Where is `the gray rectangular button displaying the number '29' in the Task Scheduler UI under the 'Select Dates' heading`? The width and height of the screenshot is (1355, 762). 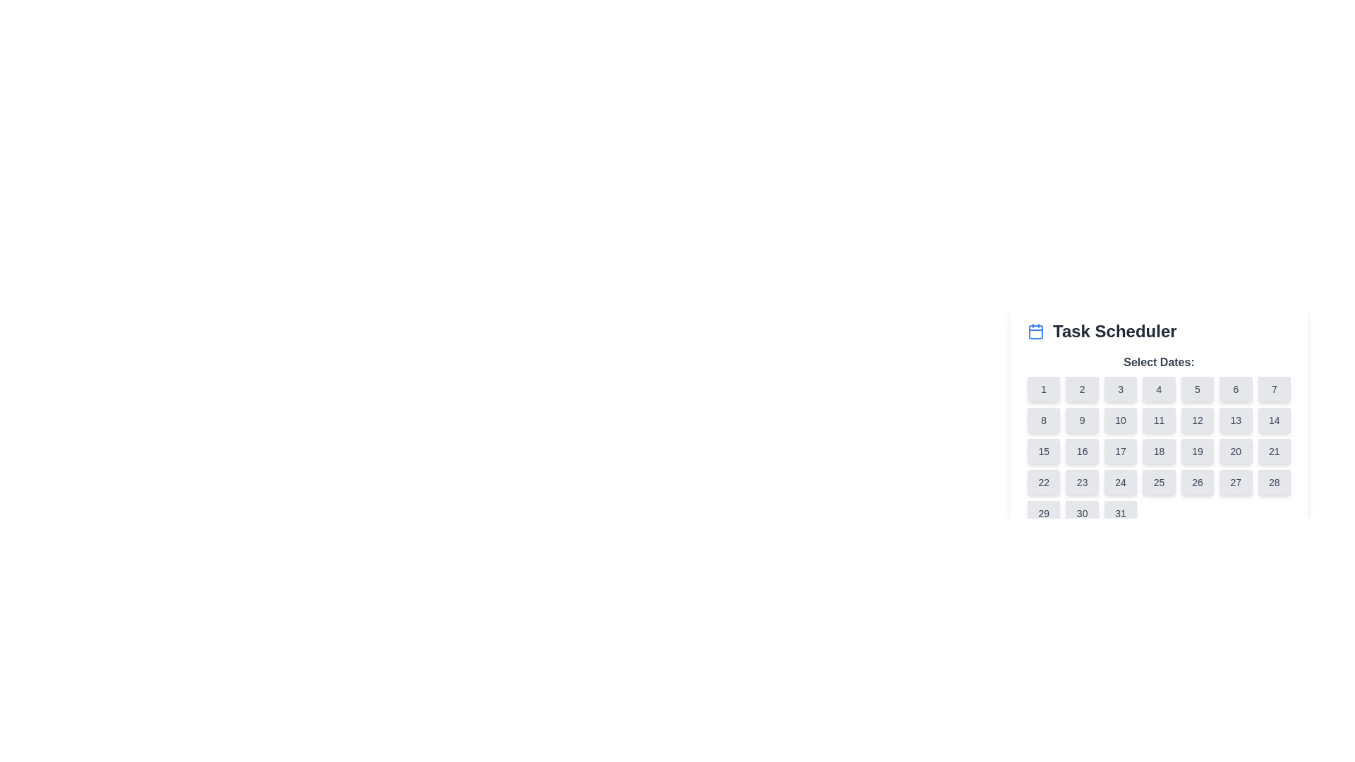 the gray rectangular button displaying the number '29' in the Task Scheduler UI under the 'Select Dates' heading is located at coordinates (1044, 514).